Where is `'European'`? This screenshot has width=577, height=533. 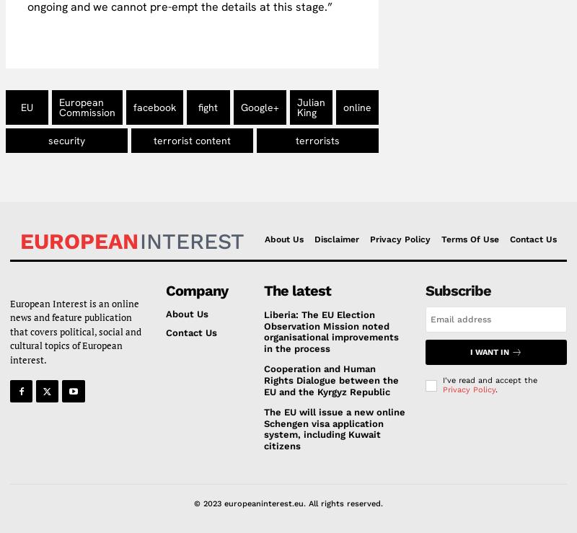 'European' is located at coordinates (79, 240).